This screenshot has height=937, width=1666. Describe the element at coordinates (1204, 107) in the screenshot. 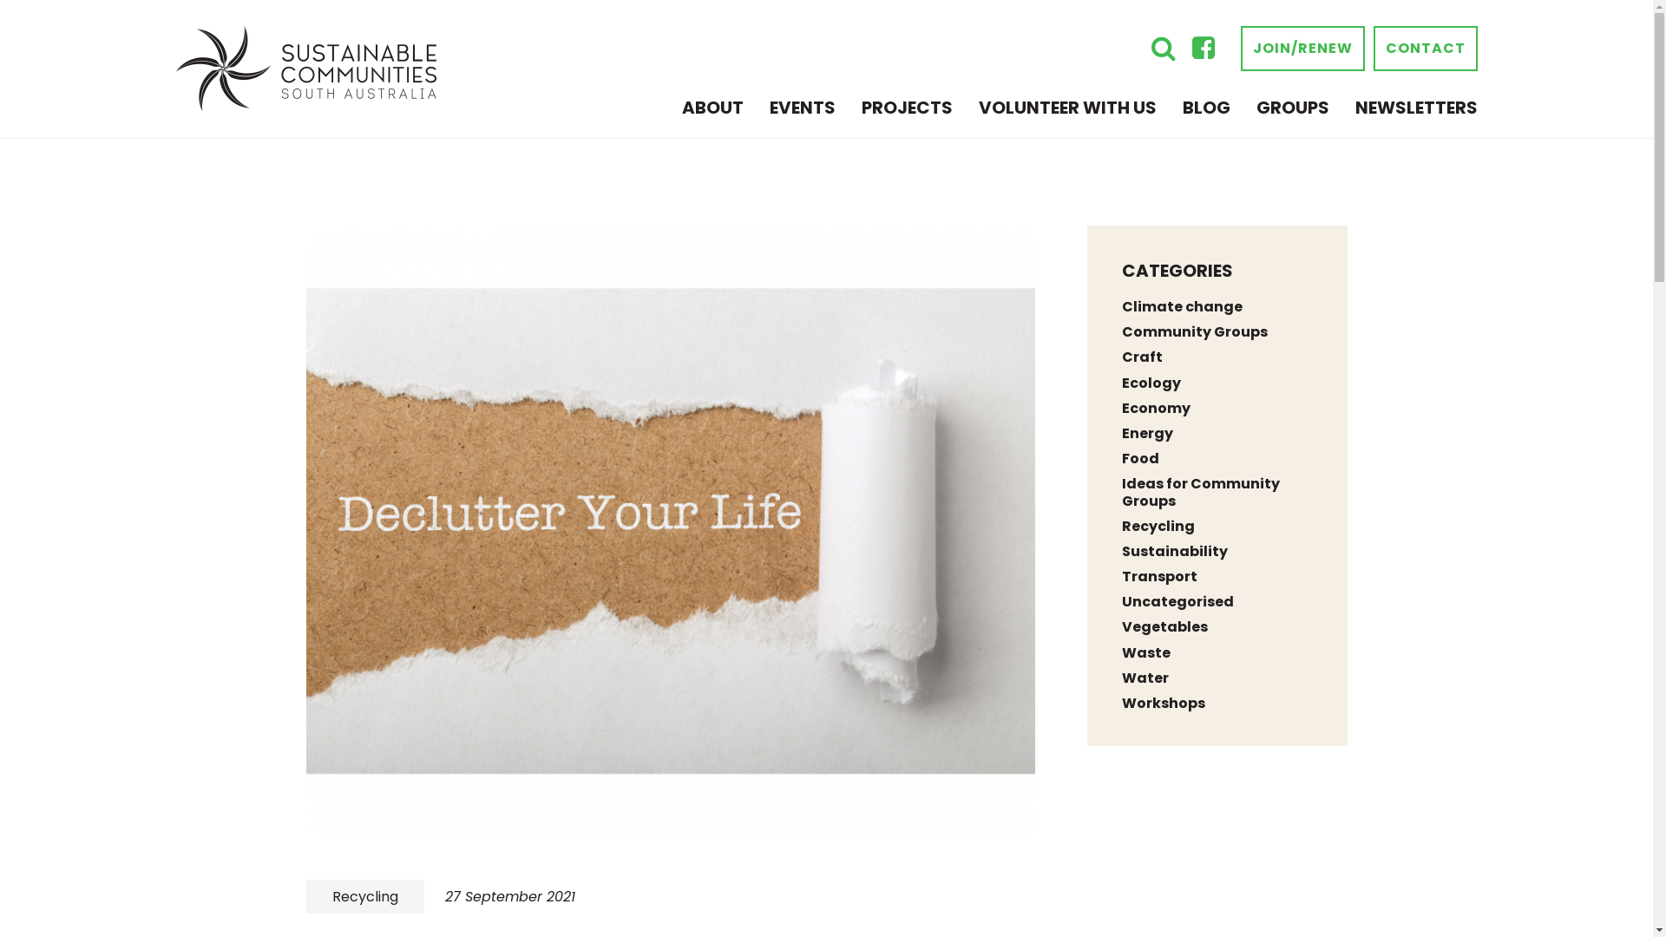

I see `'BLOG'` at that location.